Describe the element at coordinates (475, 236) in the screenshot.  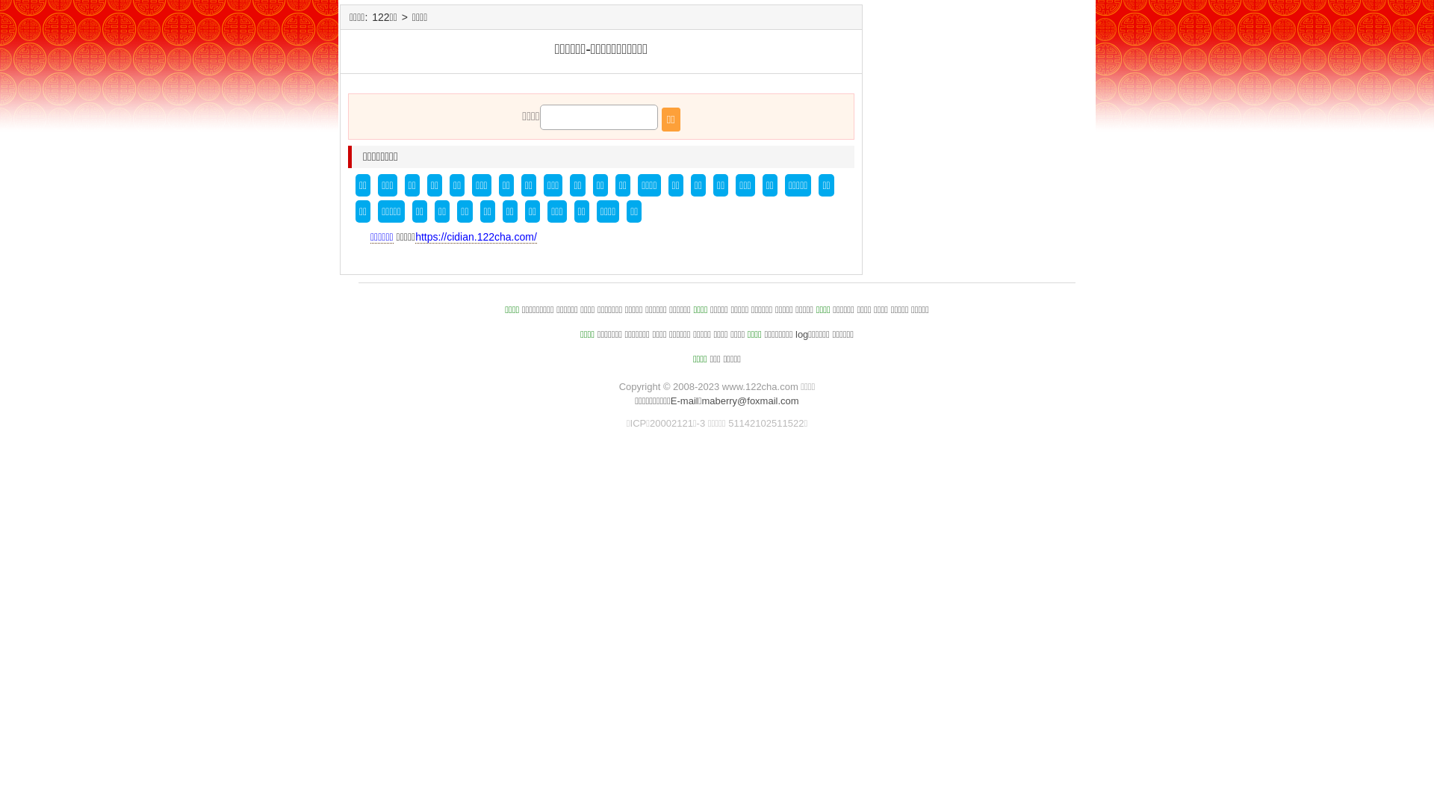
I see `'https://cidian.122cha.com/'` at that location.